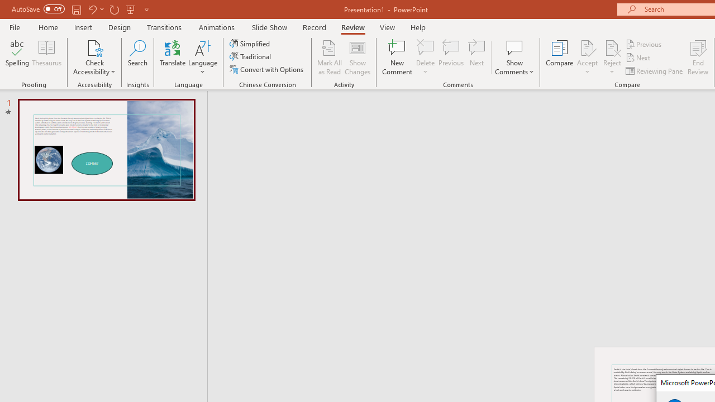 The width and height of the screenshot is (715, 402). What do you see at coordinates (639, 58) in the screenshot?
I see `'Next'` at bounding box center [639, 58].